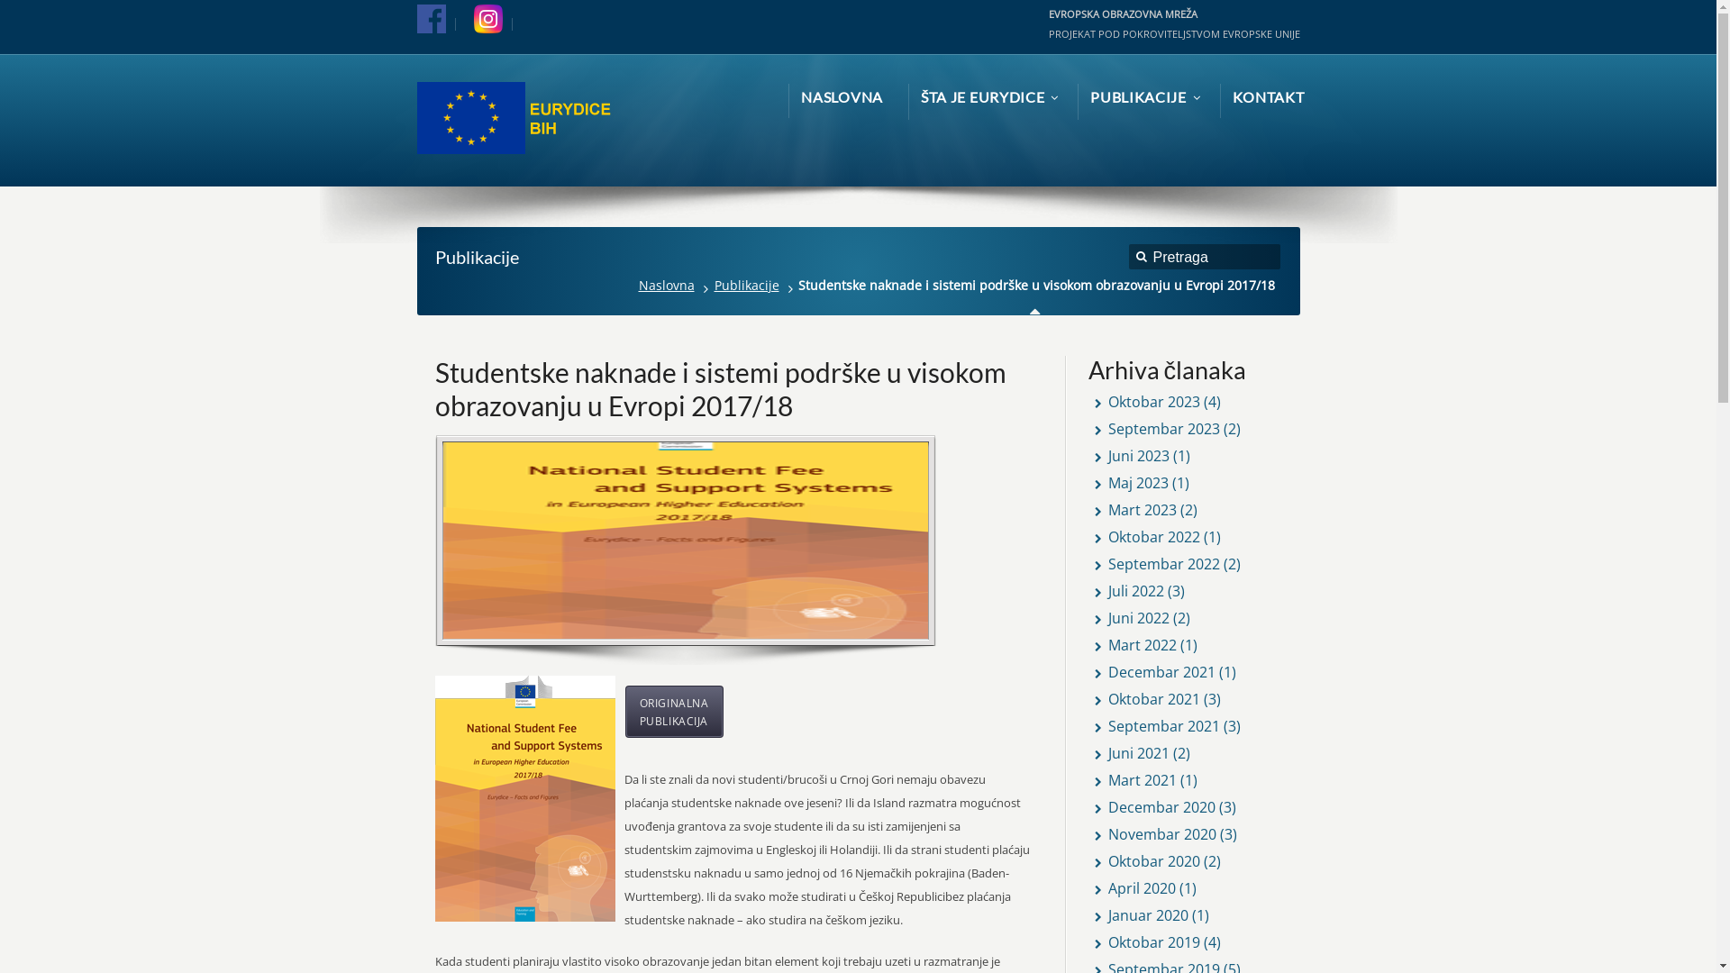 This screenshot has width=1730, height=973. What do you see at coordinates (1135, 590) in the screenshot?
I see `'Juli 2022'` at bounding box center [1135, 590].